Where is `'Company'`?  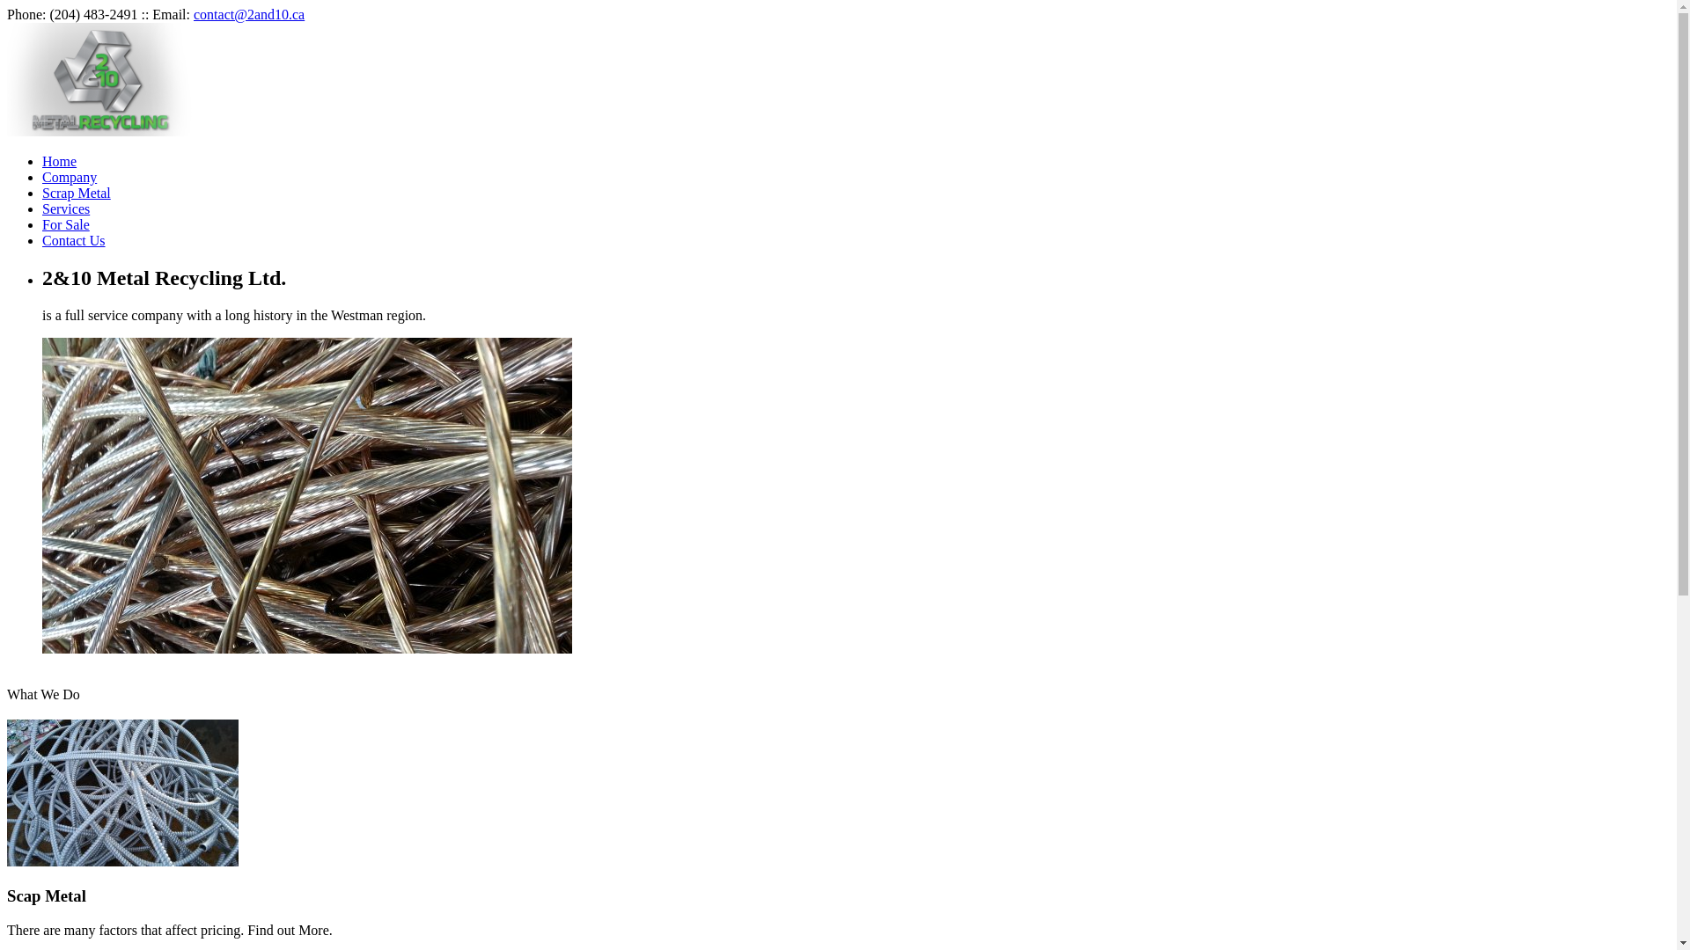
'Company' is located at coordinates (69, 177).